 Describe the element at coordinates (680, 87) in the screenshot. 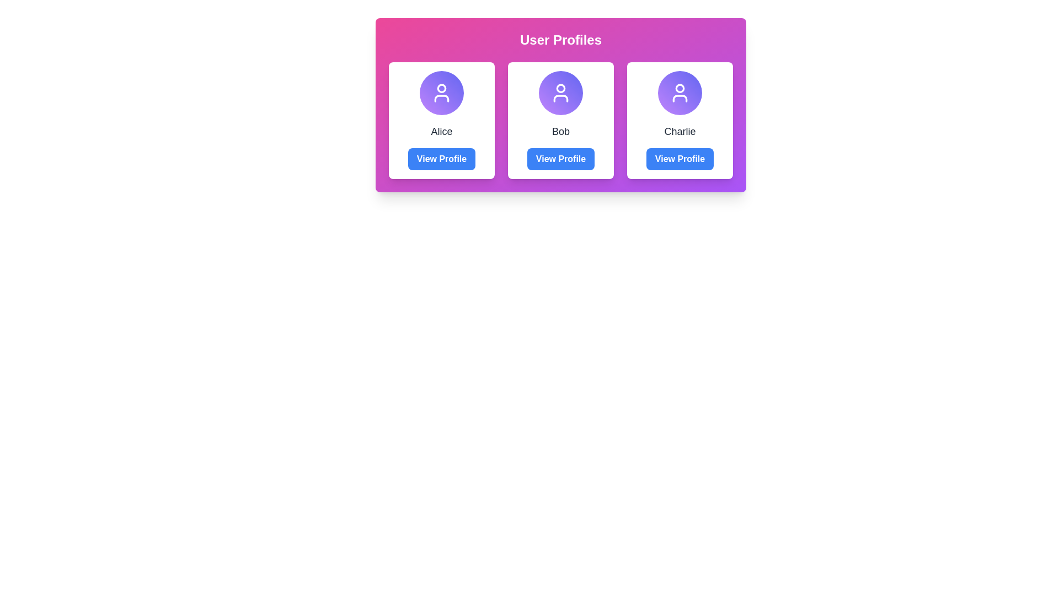

I see `the small circular component representing the head of the user profile icon for 'Charlie' located at the top of the profile card` at that location.